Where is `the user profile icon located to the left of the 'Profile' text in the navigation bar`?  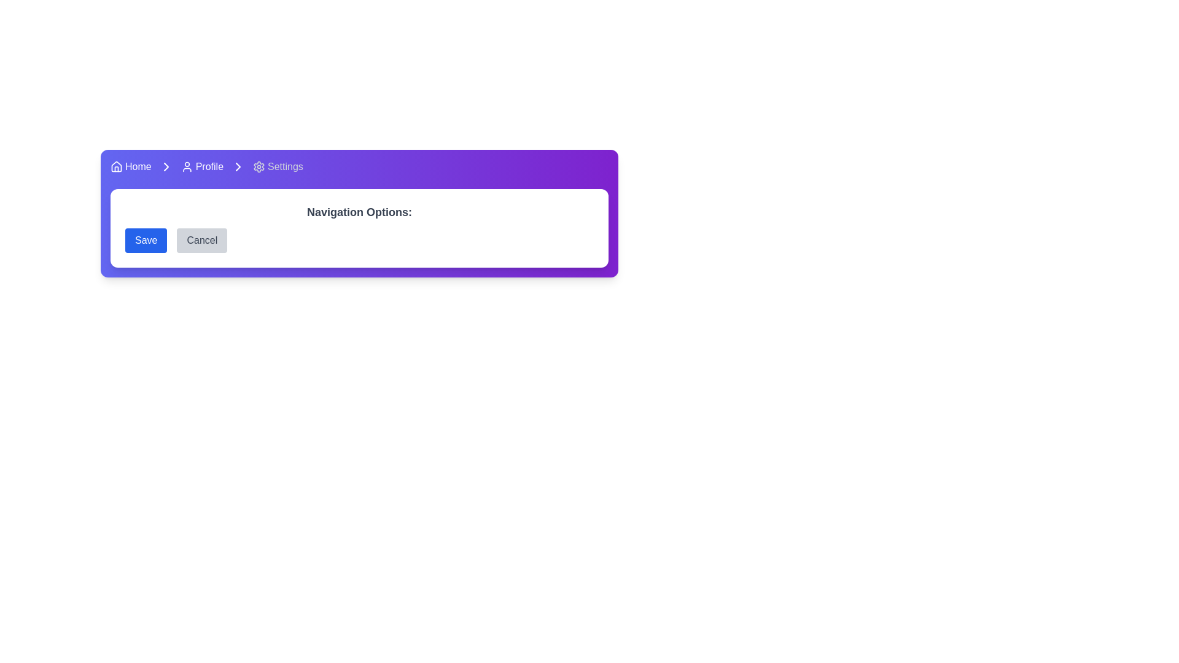 the user profile icon located to the left of the 'Profile' text in the navigation bar is located at coordinates (186, 167).